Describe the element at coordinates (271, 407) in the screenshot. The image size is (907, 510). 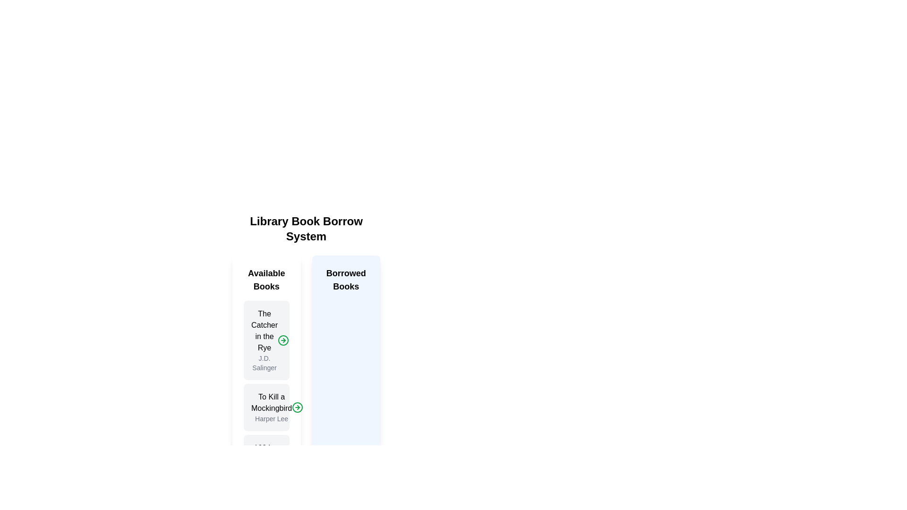
I see `the label displaying the title and author of 'To Kill a Mockingbird' in the 'Available Books' section, located beneath 'The Catcher in the Rye'` at that location.